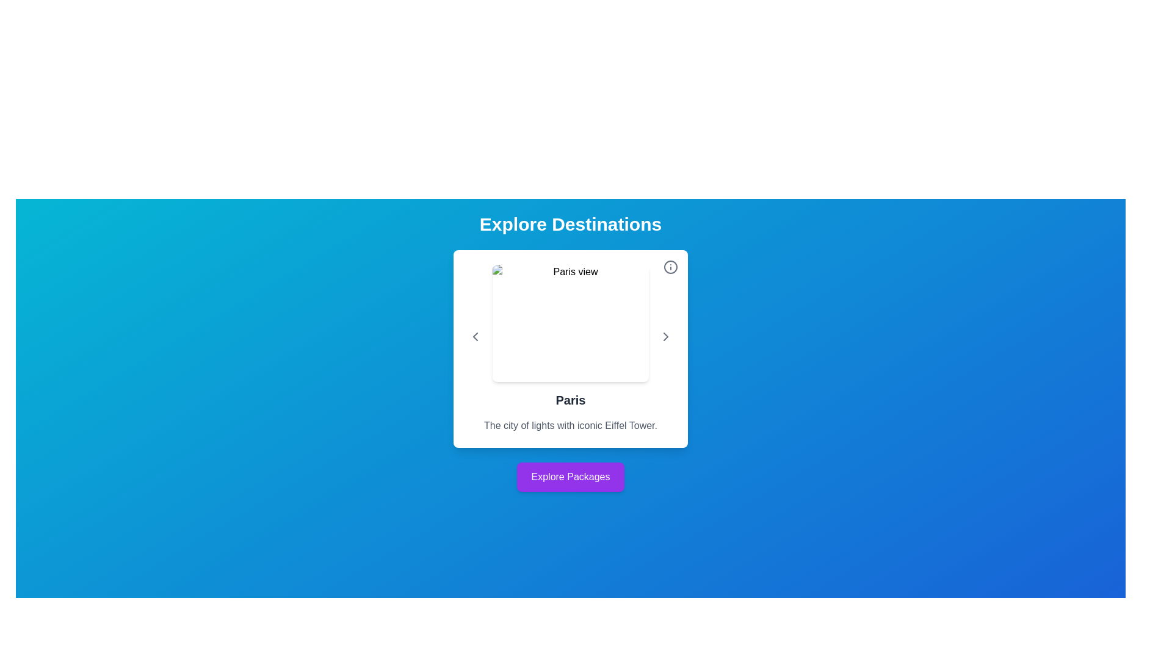 The image size is (1172, 659). I want to click on text label displaying 'Paris' in a large, bold font with a grayish tone, located beneath the image with alt-text 'Paris view', so click(570, 400).